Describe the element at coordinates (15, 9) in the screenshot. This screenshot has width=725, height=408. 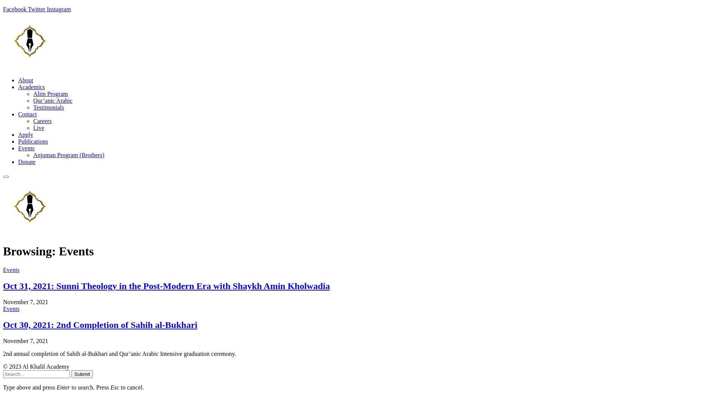
I see `'Facebook'` at that location.